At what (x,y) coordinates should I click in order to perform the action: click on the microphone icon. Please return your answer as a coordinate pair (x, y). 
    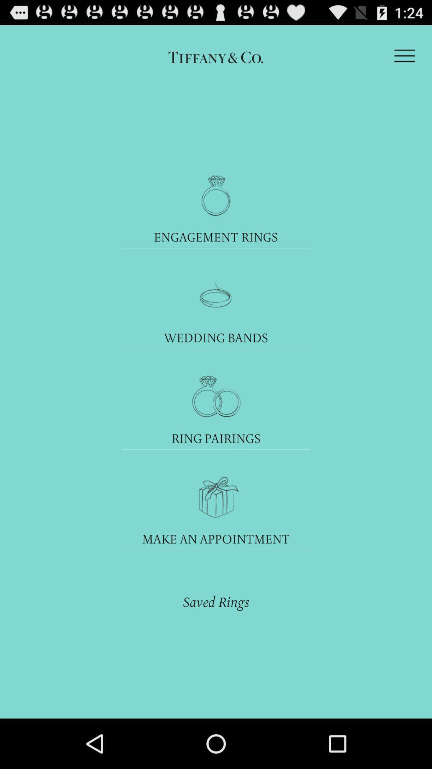
    Looking at the image, I should click on (216, 209).